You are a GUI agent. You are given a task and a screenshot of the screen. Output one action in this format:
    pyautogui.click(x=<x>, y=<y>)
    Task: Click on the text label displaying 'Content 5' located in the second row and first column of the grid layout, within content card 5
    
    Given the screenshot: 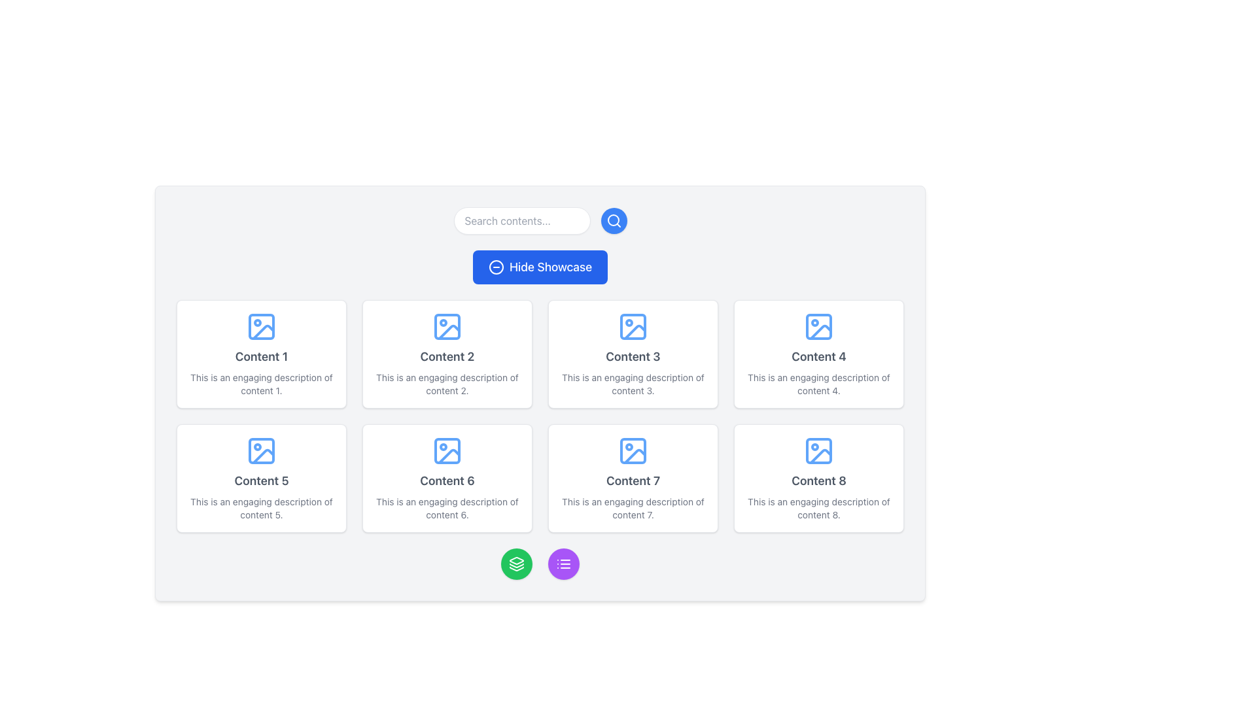 What is the action you would take?
    pyautogui.click(x=261, y=481)
    